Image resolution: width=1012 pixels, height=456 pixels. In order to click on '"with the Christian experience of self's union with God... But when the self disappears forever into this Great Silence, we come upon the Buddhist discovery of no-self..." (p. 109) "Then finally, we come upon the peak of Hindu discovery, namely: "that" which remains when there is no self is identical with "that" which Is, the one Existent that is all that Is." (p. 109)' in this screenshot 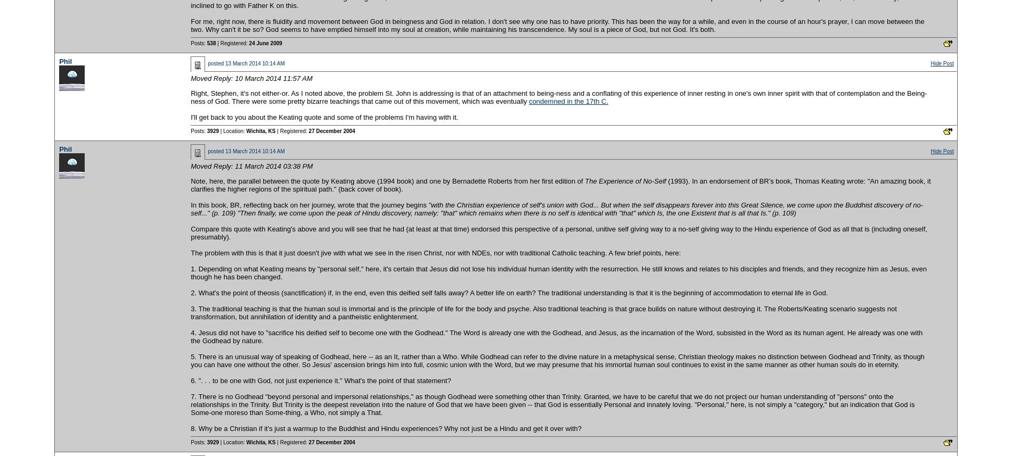, I will do `click(557, 208)`.